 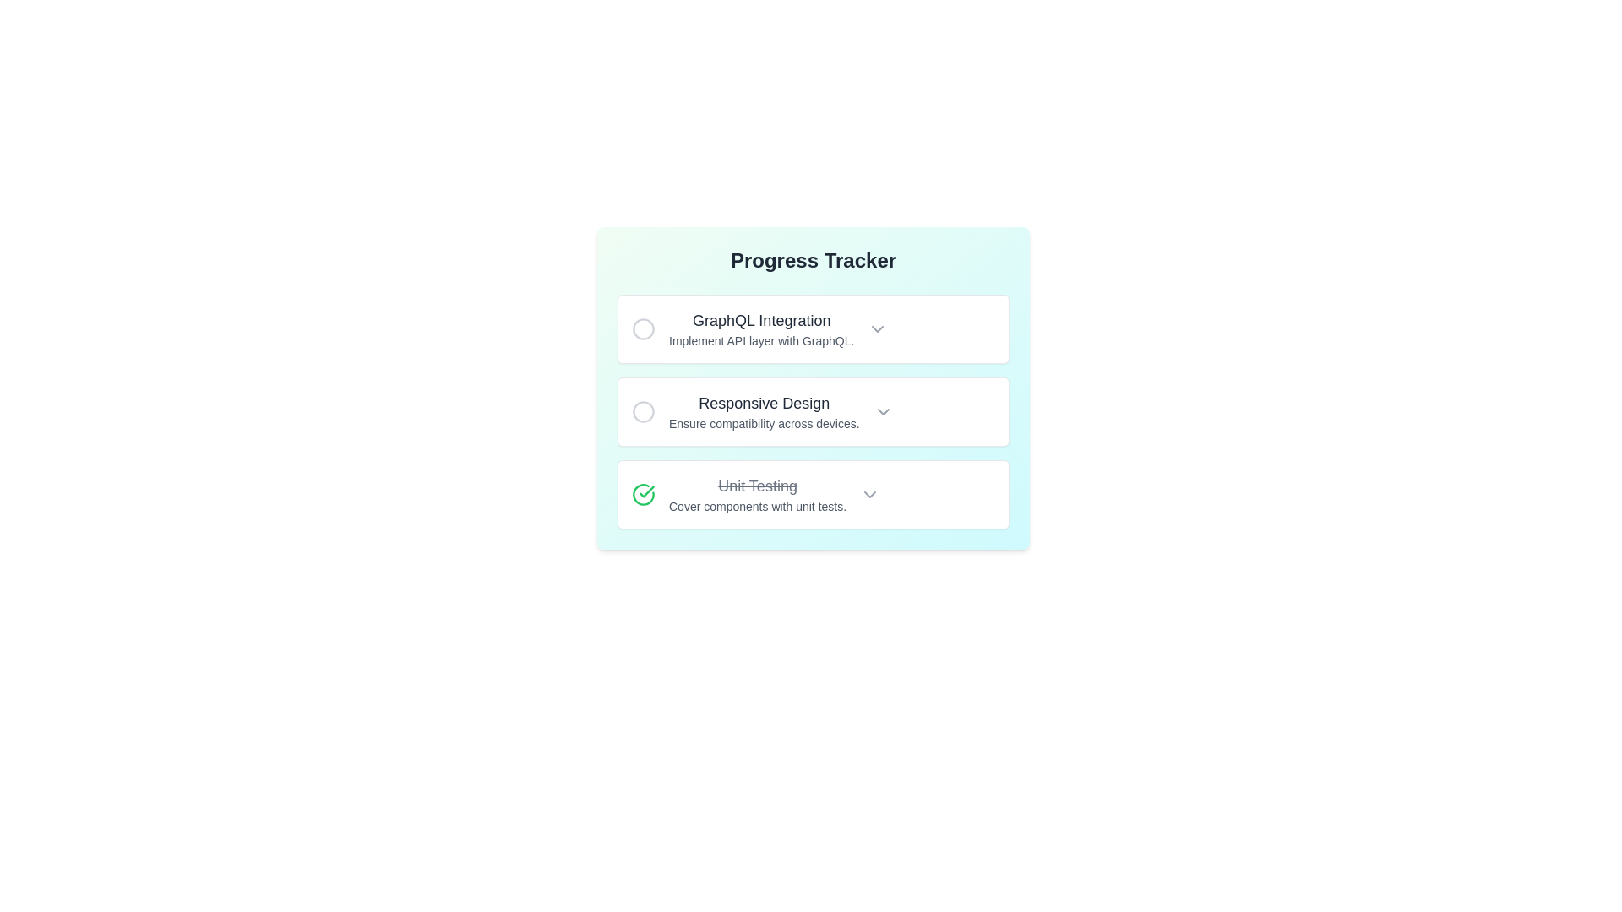 I want to click on text label displaying 'Implement API layer with GraphQL.' located below the heading 'GraphQL Integration' in the progress tracker interface, so click(x=760, y=341).